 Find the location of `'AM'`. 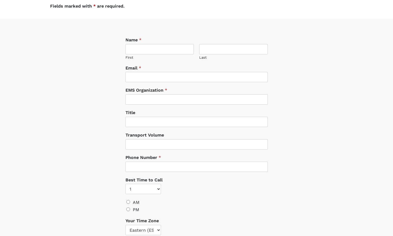

'AM' is located at coordinates (136, 197).